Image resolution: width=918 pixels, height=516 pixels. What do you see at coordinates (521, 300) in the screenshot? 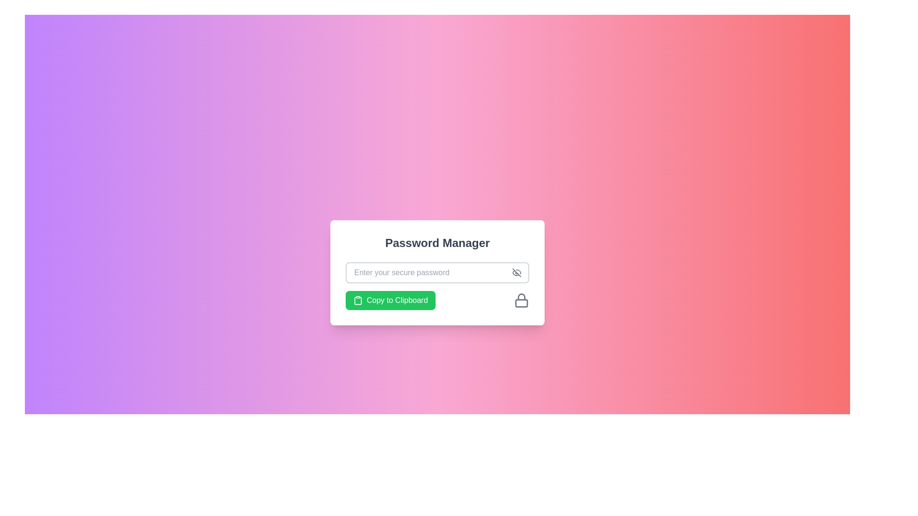
I see `the lock icon, which is a grayscale outline of a padlock located on the right side of the 'Copy to Clipboard' button` at bounding box center [521, 300].